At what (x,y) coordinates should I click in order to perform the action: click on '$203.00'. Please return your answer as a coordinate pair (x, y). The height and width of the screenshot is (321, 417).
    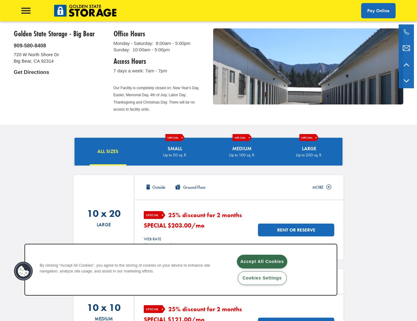
    Looking at the image, I should click on (178, 225).